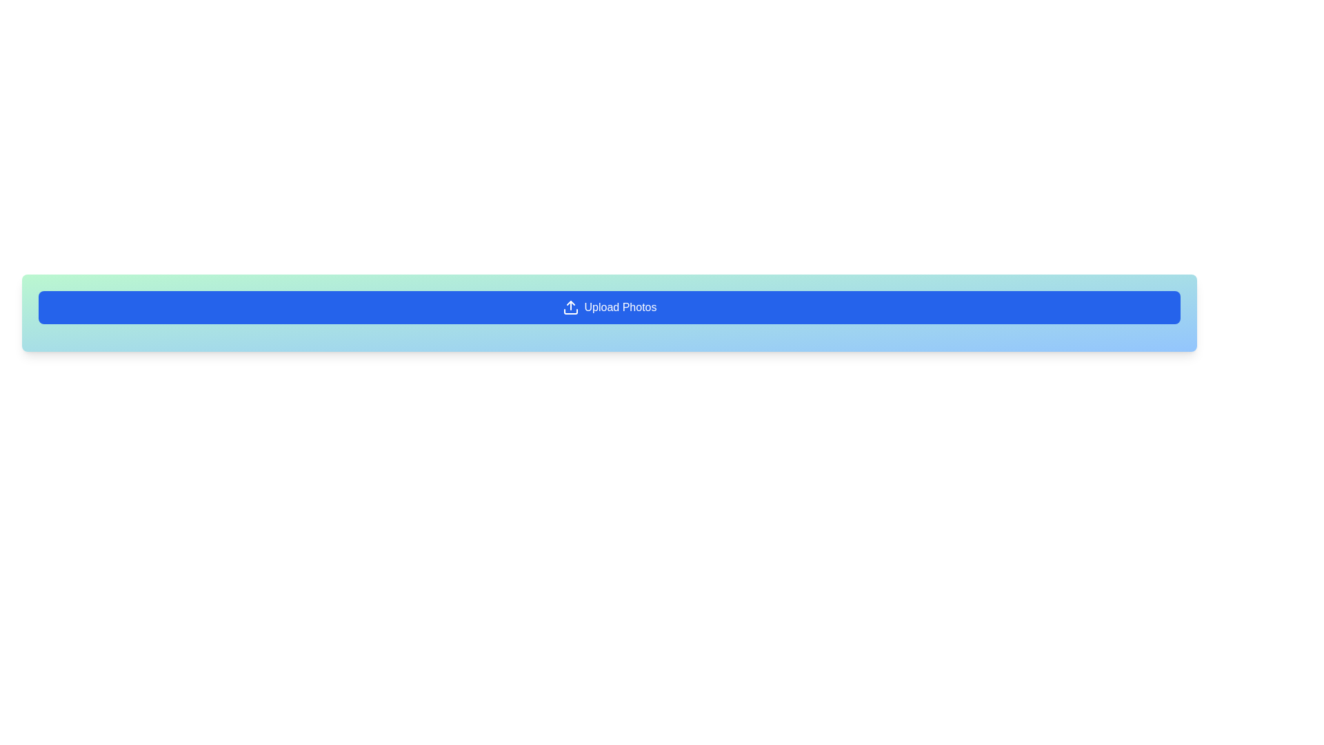 The width and height of the screenshot is (1324, 745). Describe the element at coordinates (608, 307) in the screenshot. I see `the 'Upload Photos' button, which has a blue background and white text, to observe the color change effect` at that location.